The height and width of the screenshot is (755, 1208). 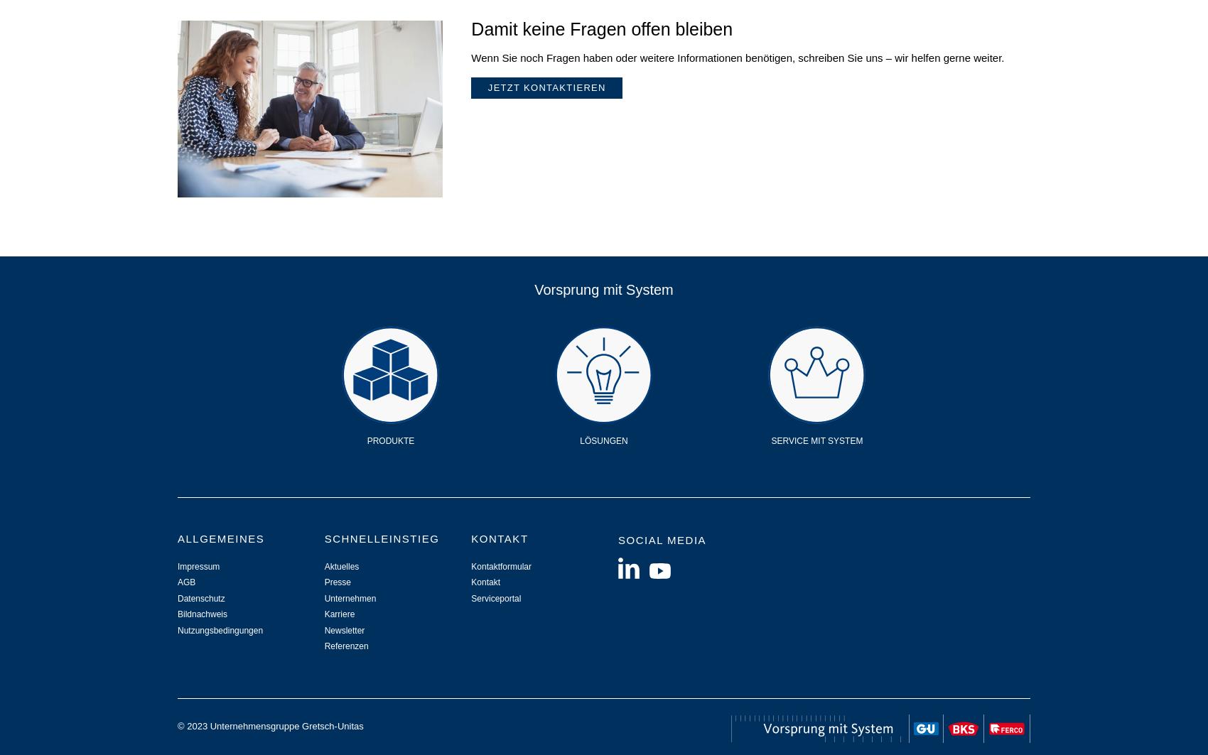 What do you see at coordinates (186, 581) in the screenshot?
I see `'AGB'` at bounding box center [186, 581].